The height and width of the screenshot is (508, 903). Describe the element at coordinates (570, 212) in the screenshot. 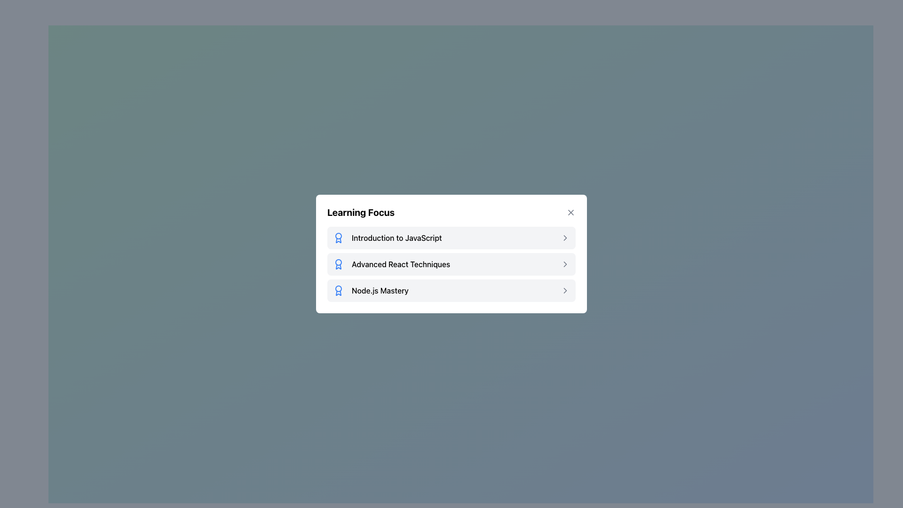

I see `the small square-shaped button with a white background and an 'X' in the center, located at the top-right corner of the 'Learning Focus' card` at that location.